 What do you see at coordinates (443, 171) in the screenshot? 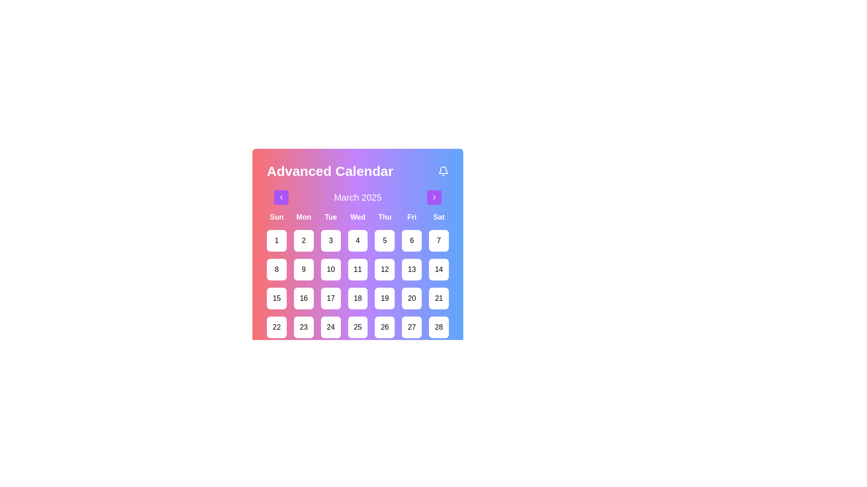
I see `the bell icon in the header section of the 'Advanced Calendar' interface` at bounding box center [443, 171].